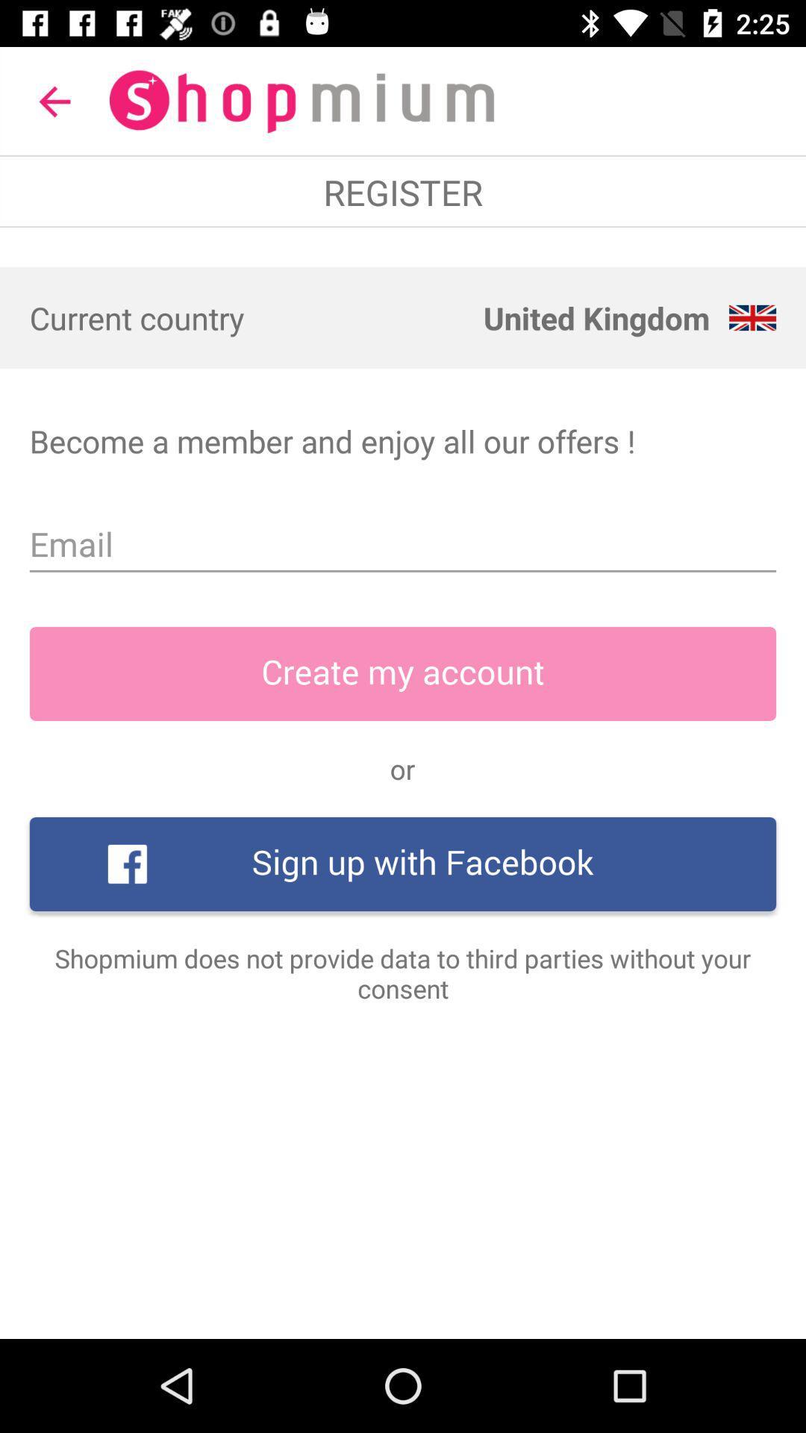  Describe the element at coordinates (403, 864) in the screenshot. I see `sign up with icon` at that location.